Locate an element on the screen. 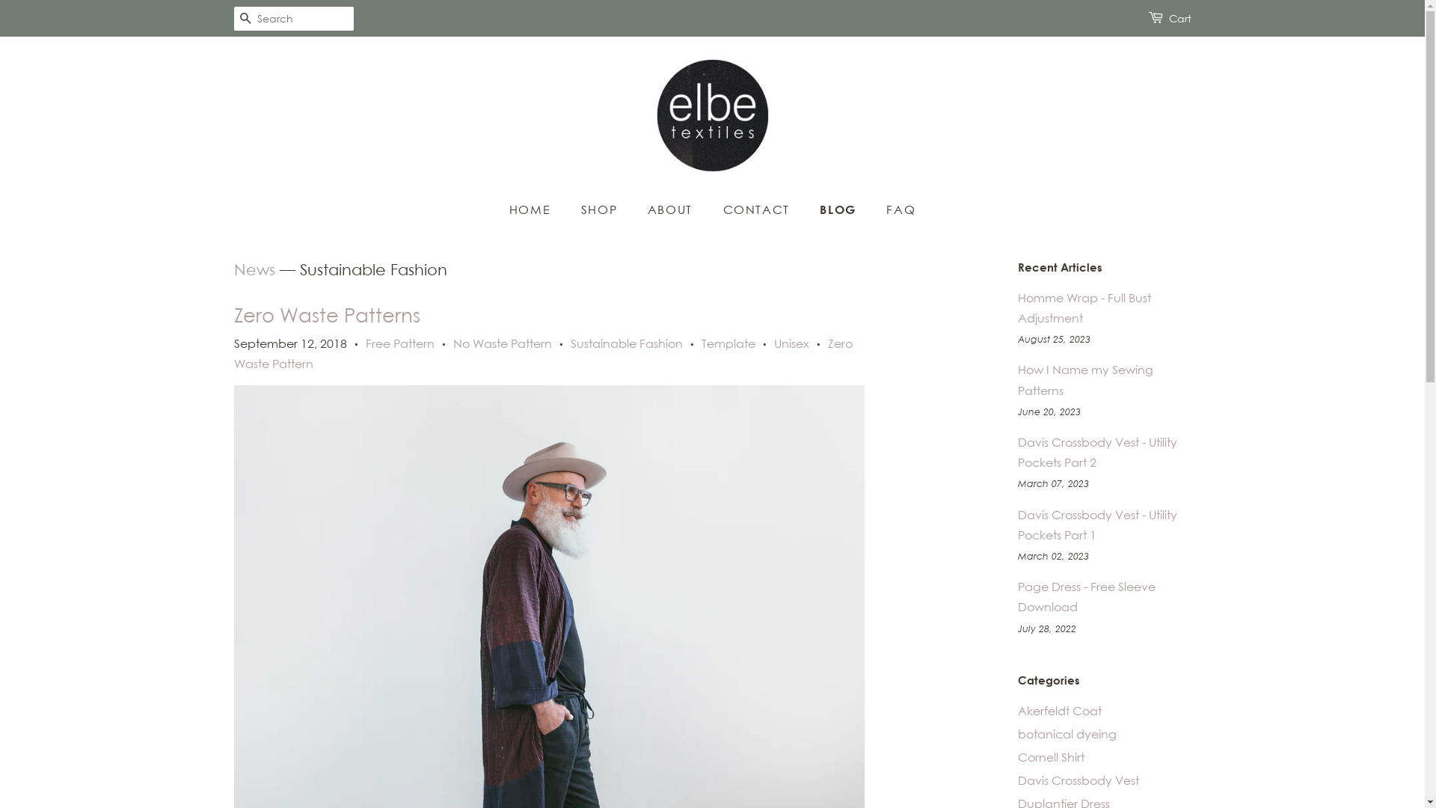 The height and width of the screenshot is (808, 1436). 'Template' is located at coordinates (728, 343).